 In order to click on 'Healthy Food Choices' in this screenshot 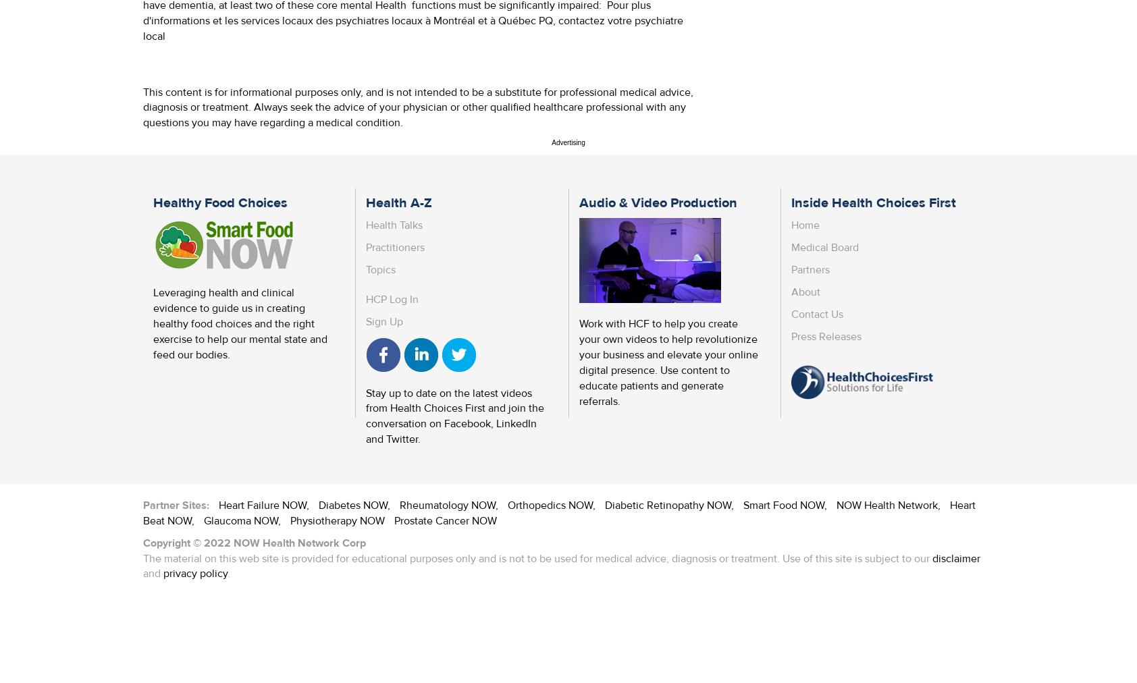, I will do `click(220, 202)`.